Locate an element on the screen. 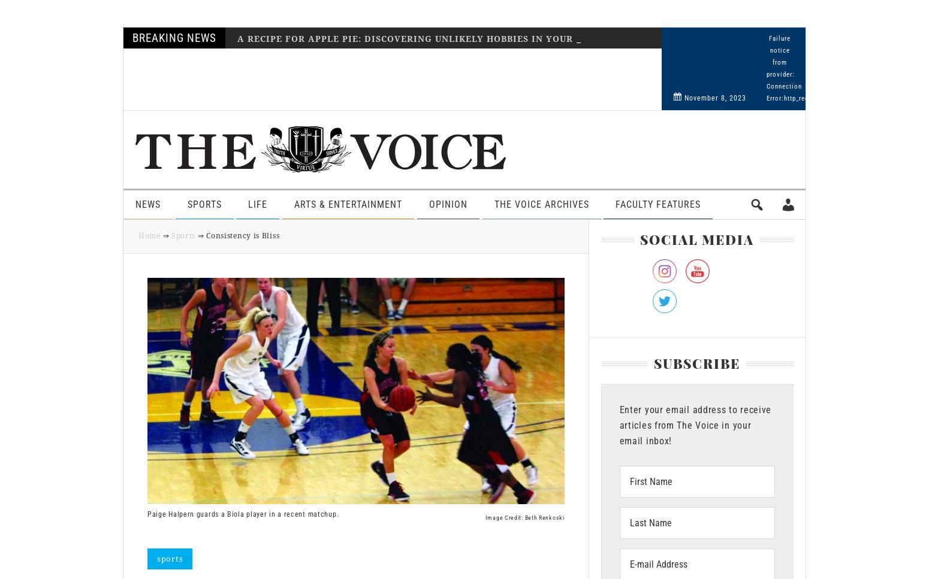 Image resolution: width=929 pixels, height=579 pixels. 'News' is located at coordinates (148, 204).